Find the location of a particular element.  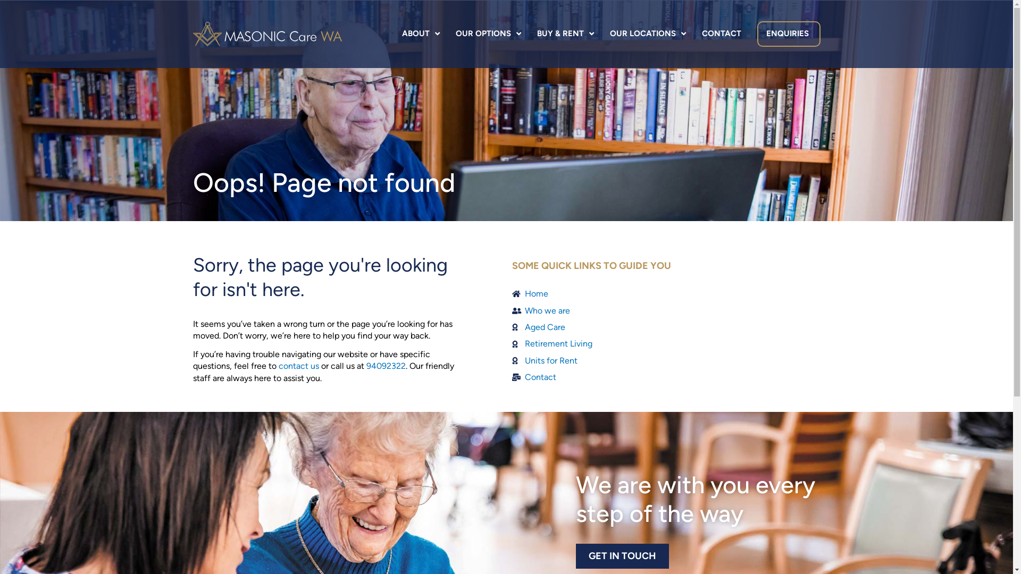

'94092322' is located at coordinates (384, 365).